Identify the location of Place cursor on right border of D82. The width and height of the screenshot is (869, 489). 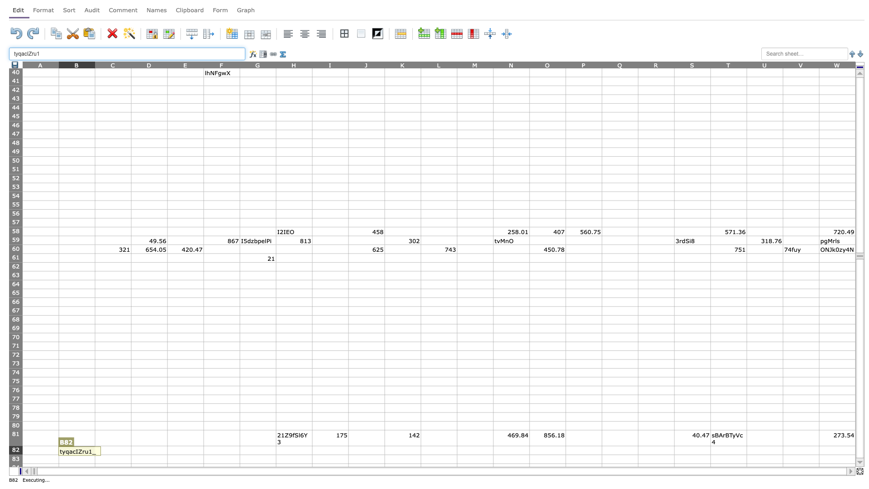
(167, 450).